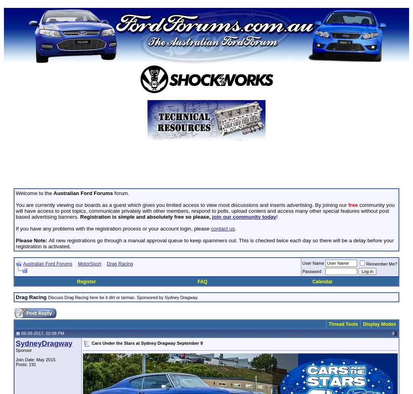  I want to click on 'FAQ', so click(202, 281).